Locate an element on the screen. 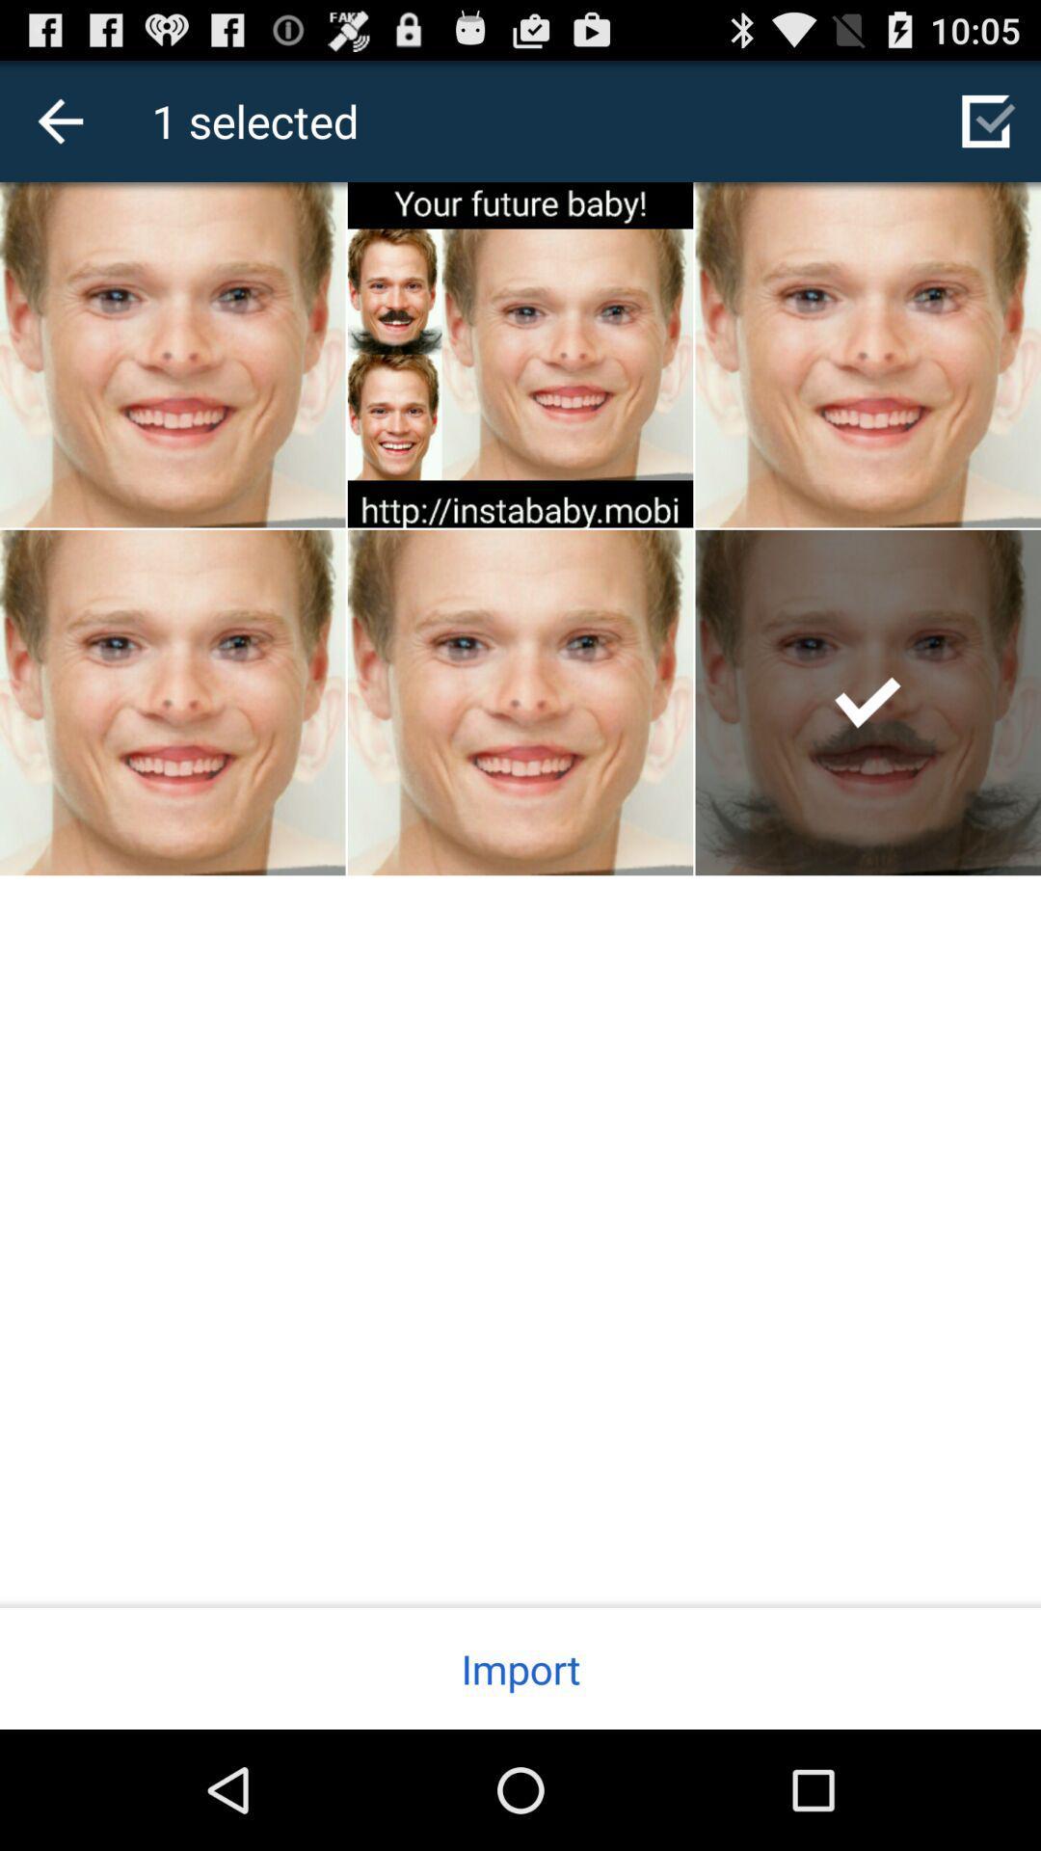  the image frist column second image is located at coordinates (520, 355).